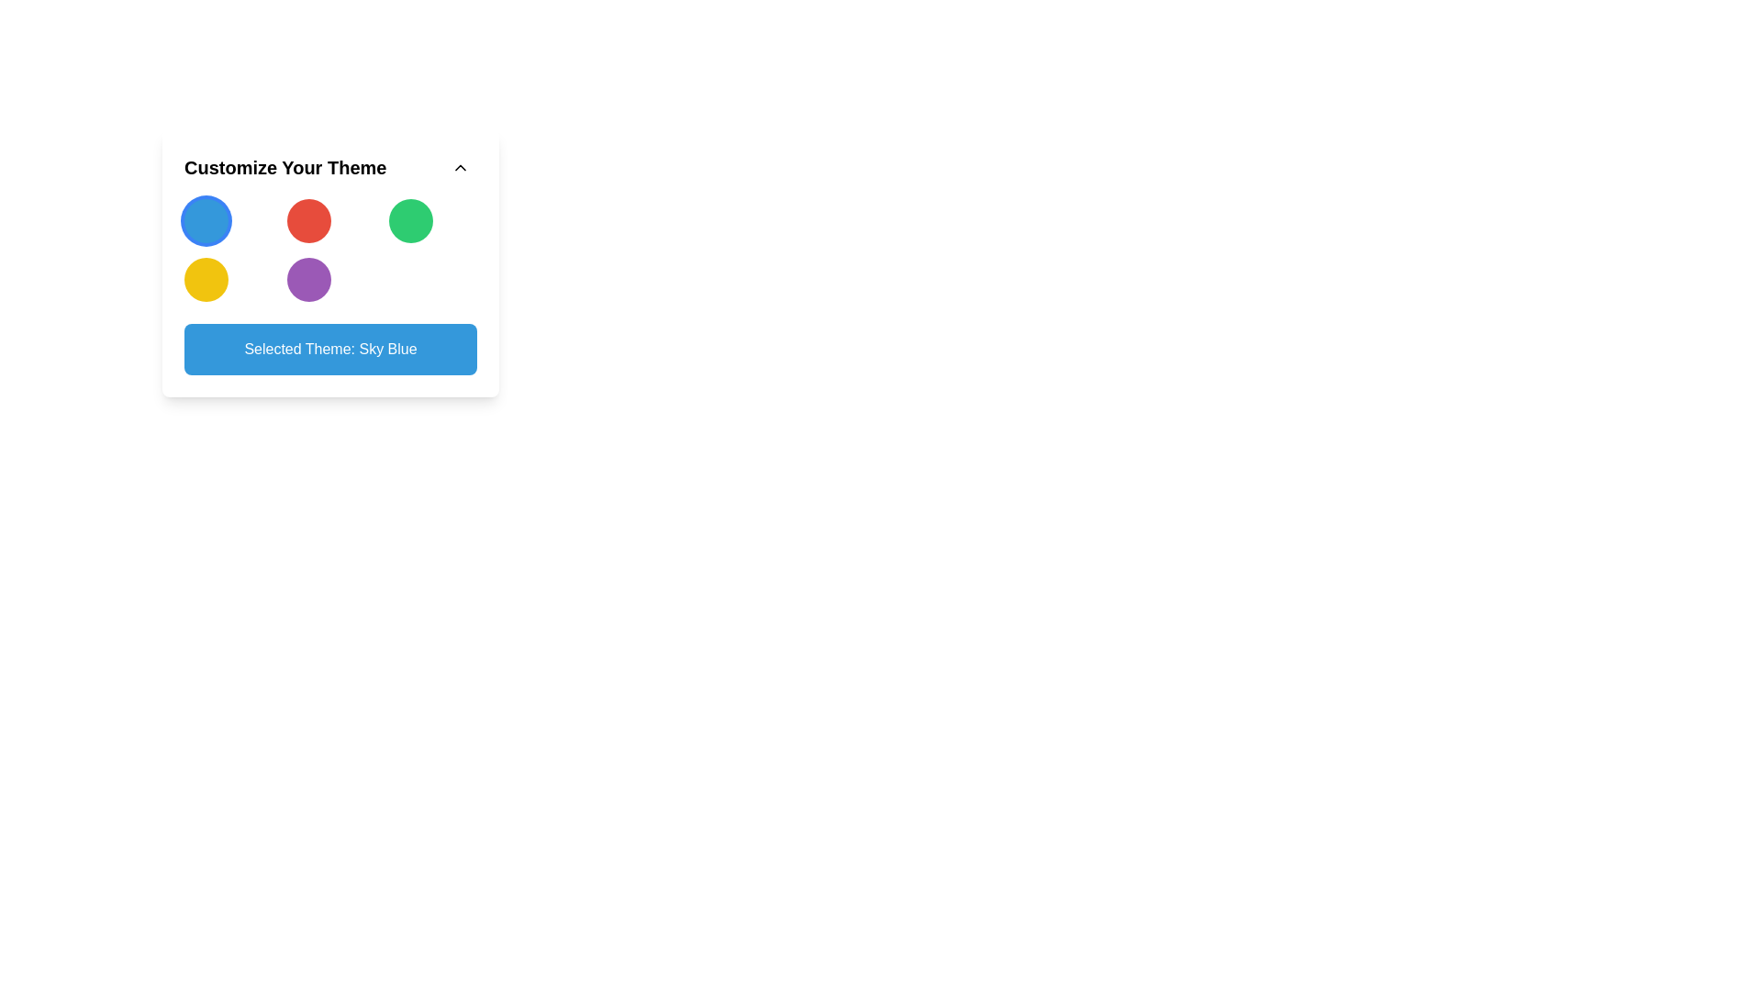 The image size is (1762, 991). I want to click on the button in the middle column of the top row, so click(308, 219).